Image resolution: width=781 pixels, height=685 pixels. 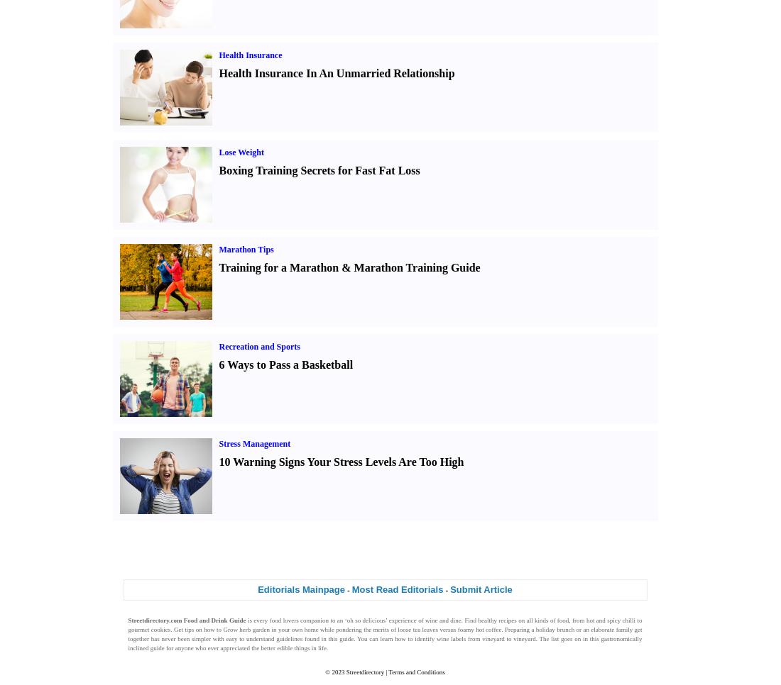 What do you see at coordinates (278, 266) in the screenshot?
I see `'Training for a Marathon'` at bounding box center [278, 266].